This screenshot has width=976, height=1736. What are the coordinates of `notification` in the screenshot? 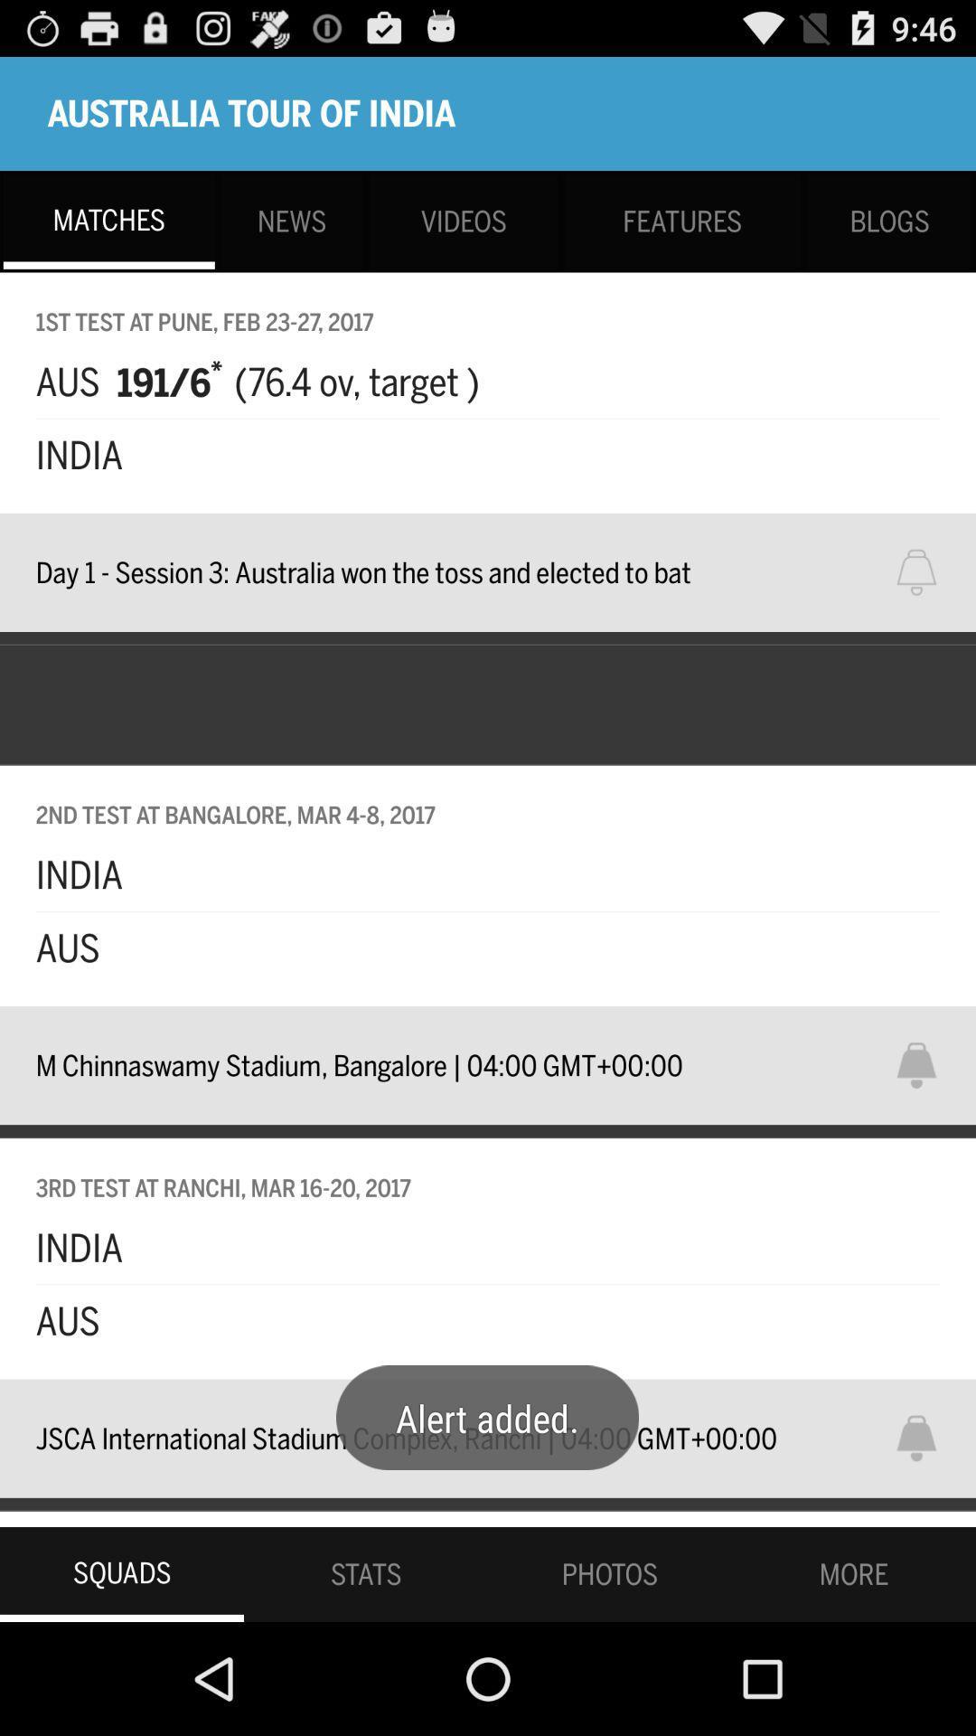 It's located at (928, 571).